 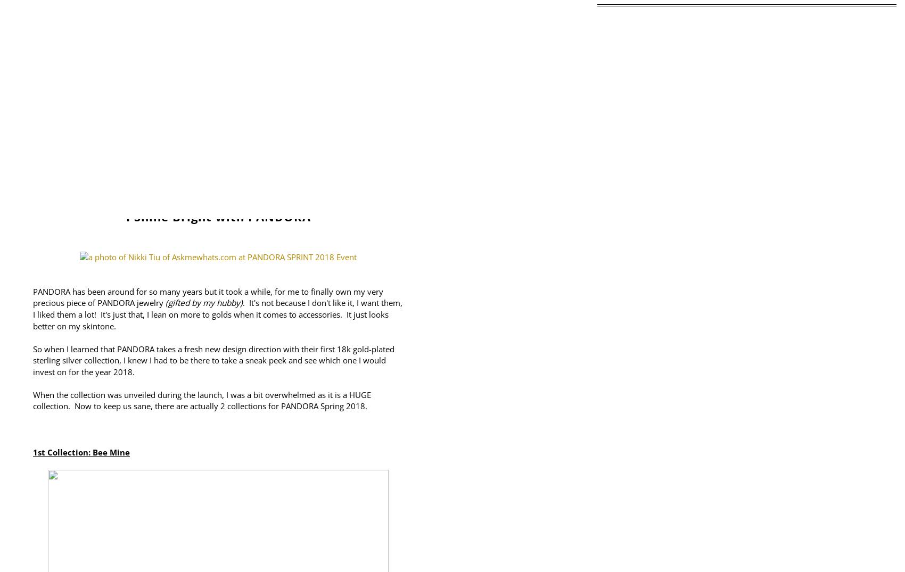 I want to click on 'MAKE UP PORTFOLIO', so click(x=366, y=159).